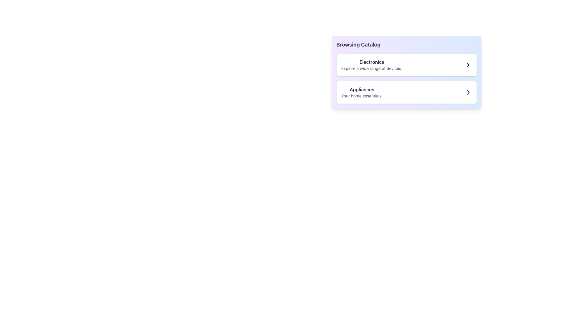  What do you see at coordinates (371, 65) in the screenshot?
I see `the Text Display element that represents an item in a selectable list for accessing the catalog of electronic devices` at bounding box center [371, 65].